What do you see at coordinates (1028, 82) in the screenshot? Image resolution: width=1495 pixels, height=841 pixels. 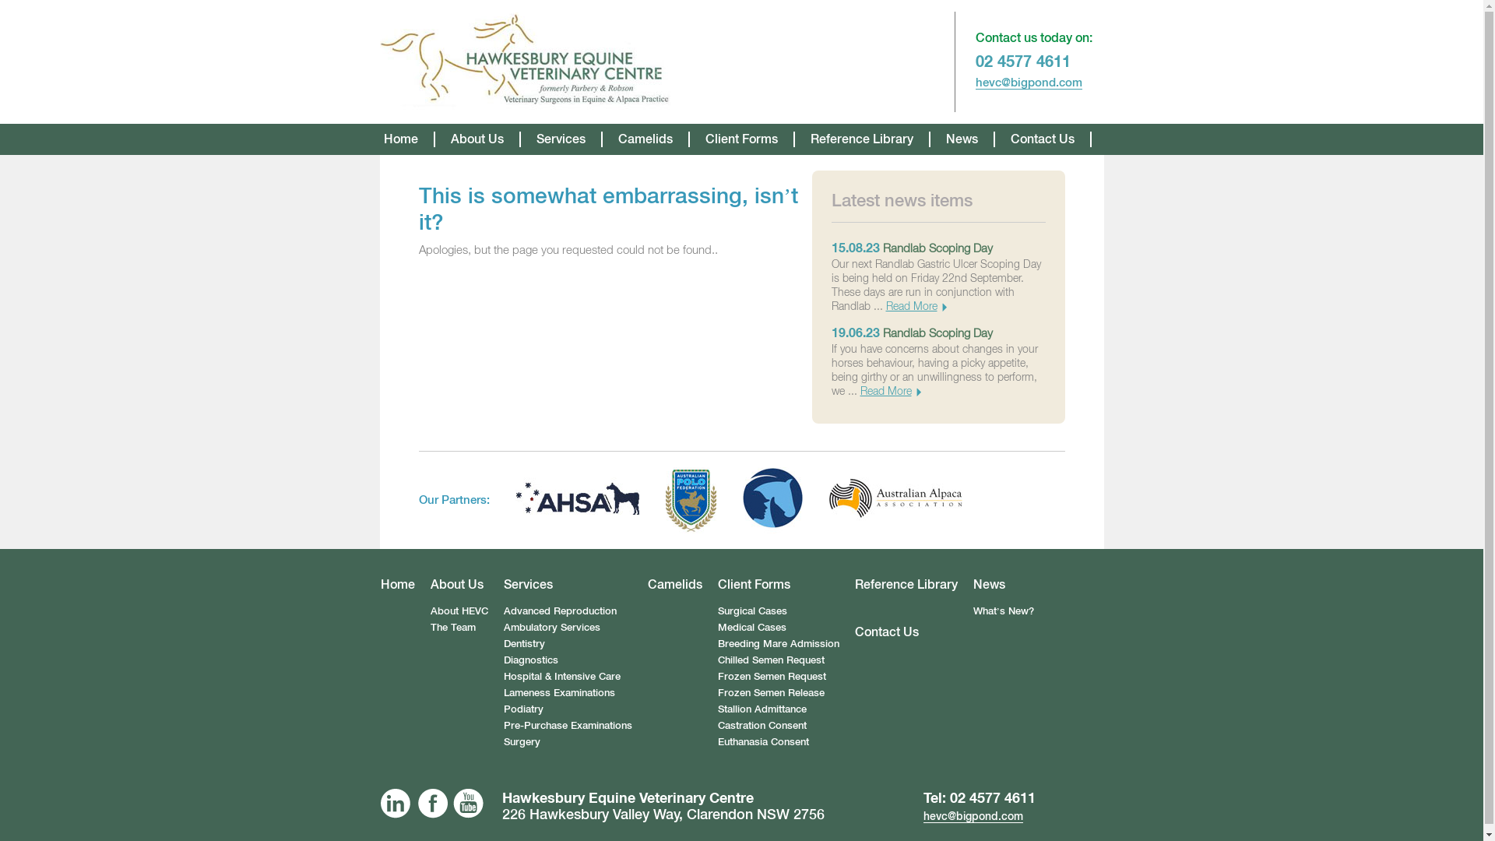 I see `'hevc@bigpond.com'` at bounding box center [1028, 82].